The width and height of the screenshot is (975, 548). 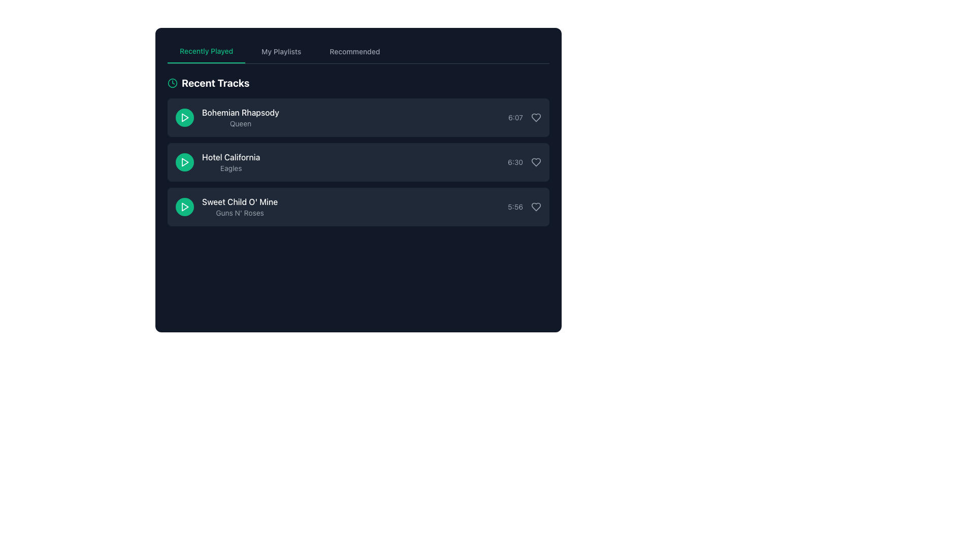 What do you see at coordinates (536, 117) in the screenshot?
I see `the heart-shaped icon outlined in gray, which is positioned to the far right of the timestamp '6:07' and aligned horizontally with it` at bounding box center [536, 117].